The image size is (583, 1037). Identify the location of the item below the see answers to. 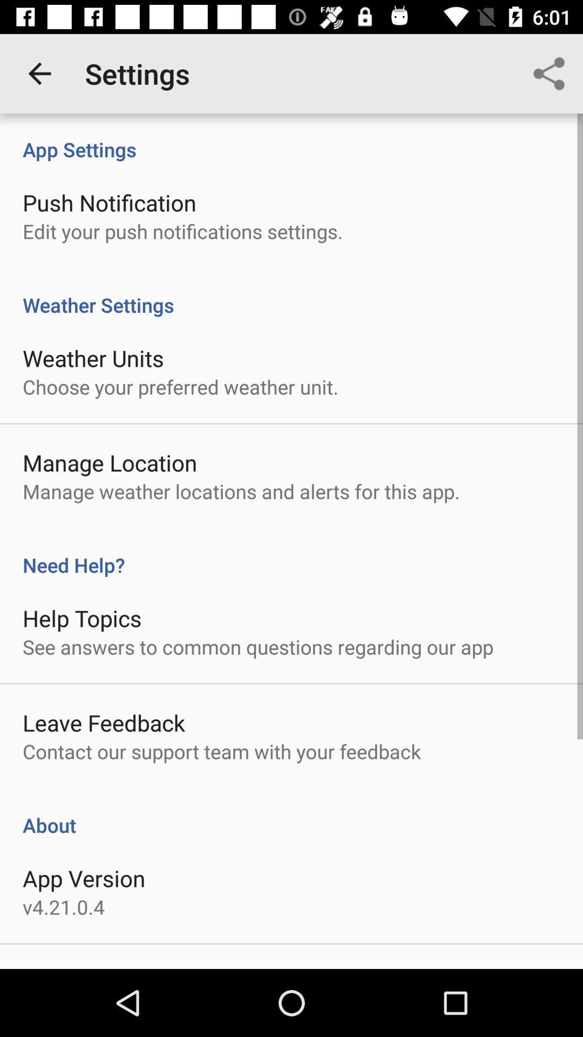
(104, 723).